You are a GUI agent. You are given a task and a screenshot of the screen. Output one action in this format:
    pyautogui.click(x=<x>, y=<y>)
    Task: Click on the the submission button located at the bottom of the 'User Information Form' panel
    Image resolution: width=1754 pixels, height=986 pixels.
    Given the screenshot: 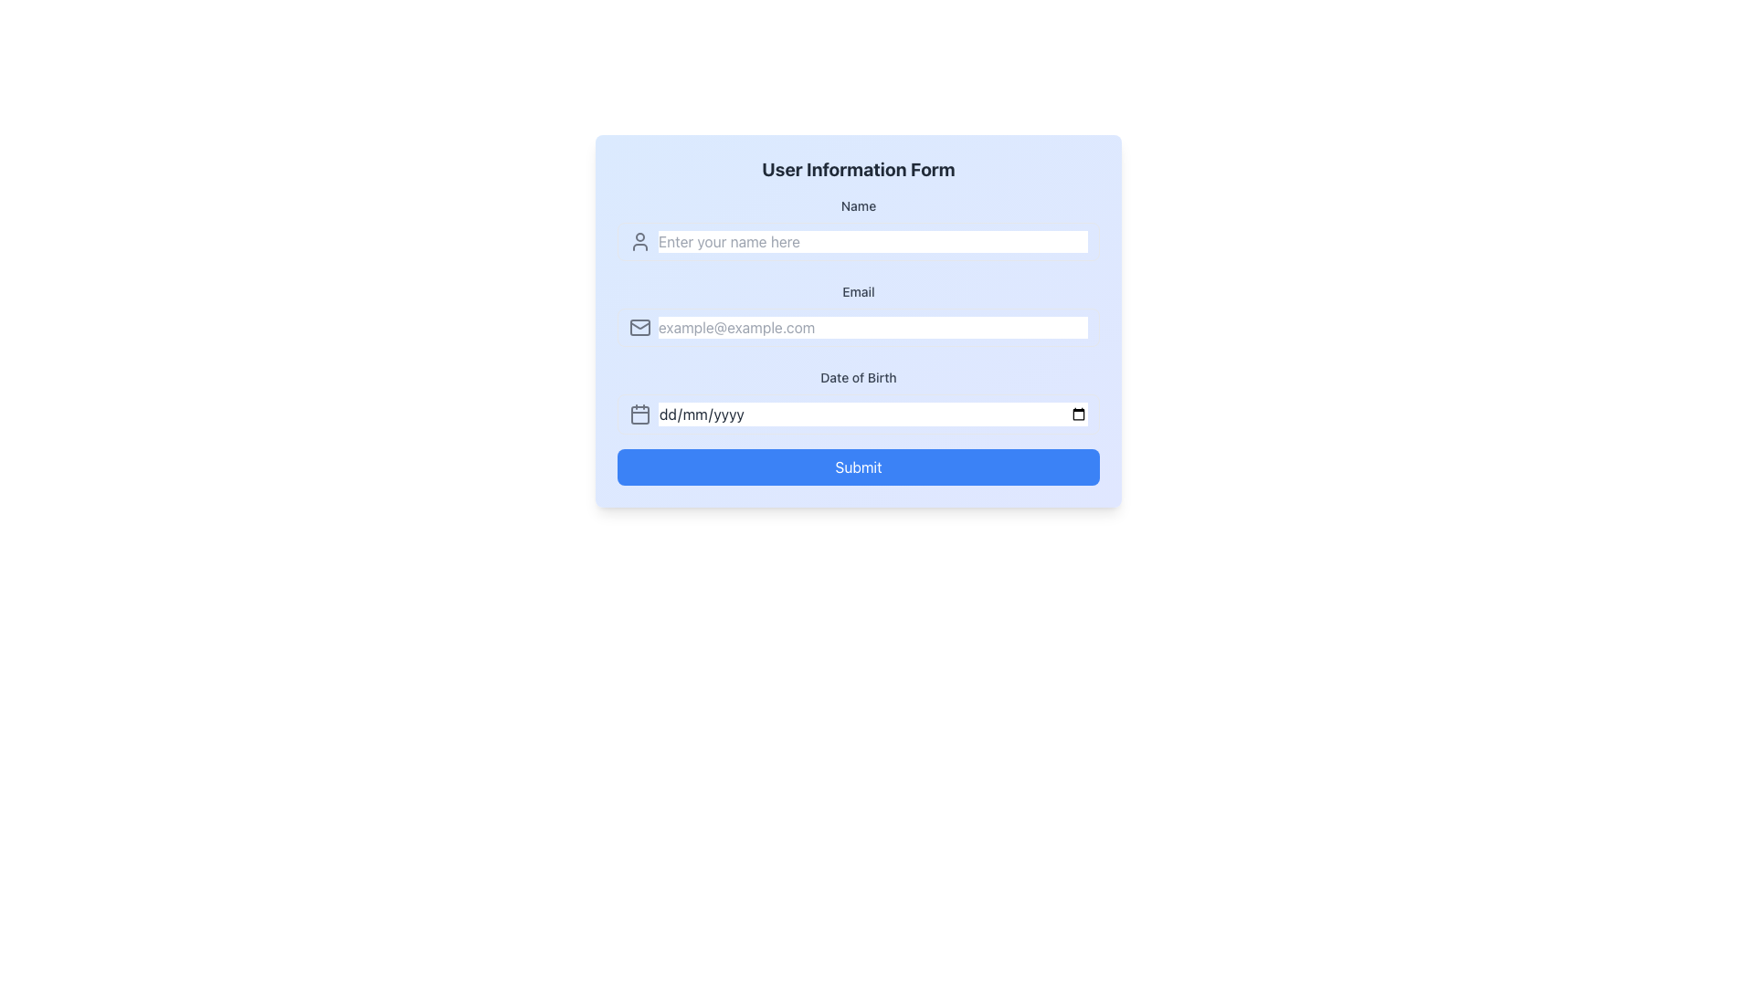 What is the action you would take?
    pyautogui.click(x=858, y=467)
    